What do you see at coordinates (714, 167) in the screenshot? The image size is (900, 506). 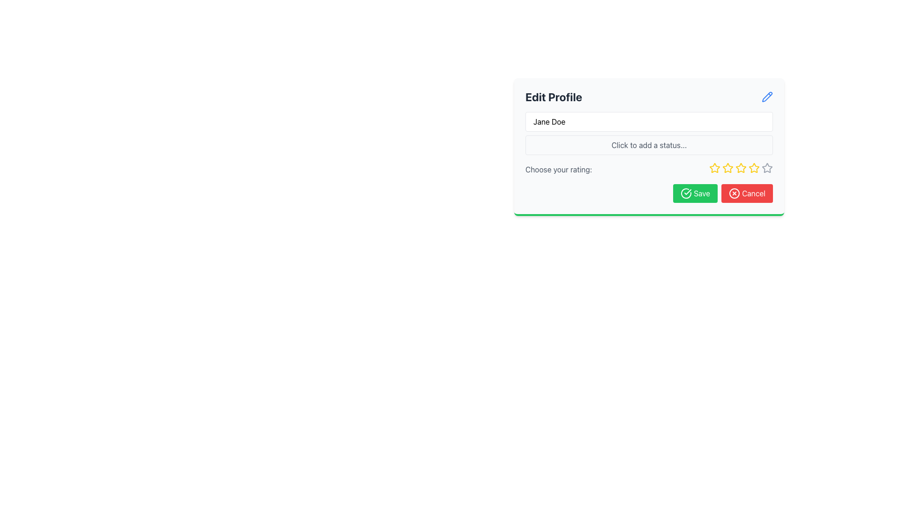 I see `the second star` at bounding box center [714, 167].